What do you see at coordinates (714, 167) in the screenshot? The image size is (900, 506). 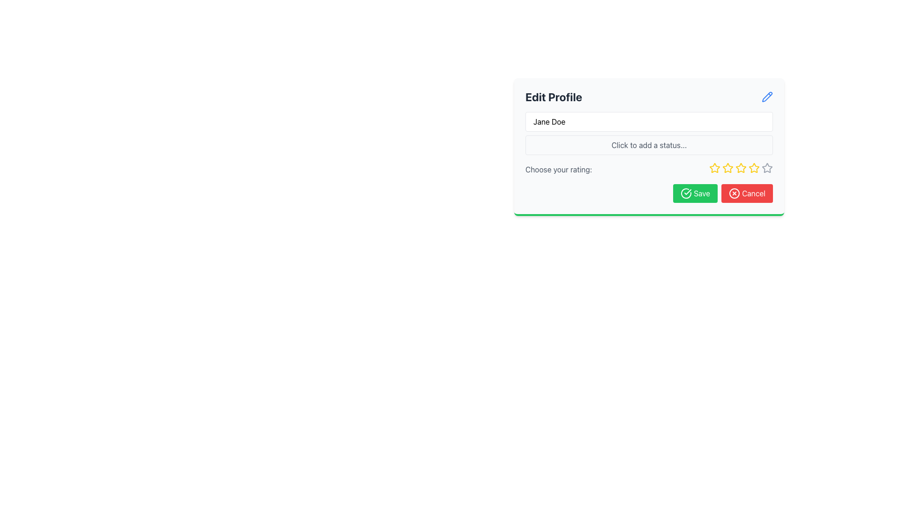 I see `the second star` at bounding box center [714, 167].